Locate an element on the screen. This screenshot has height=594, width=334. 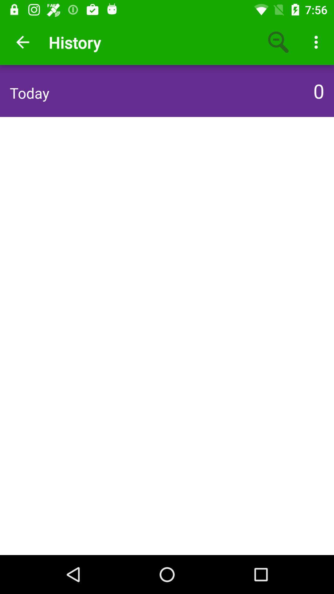
the today item is located at coordinates (29, 93).